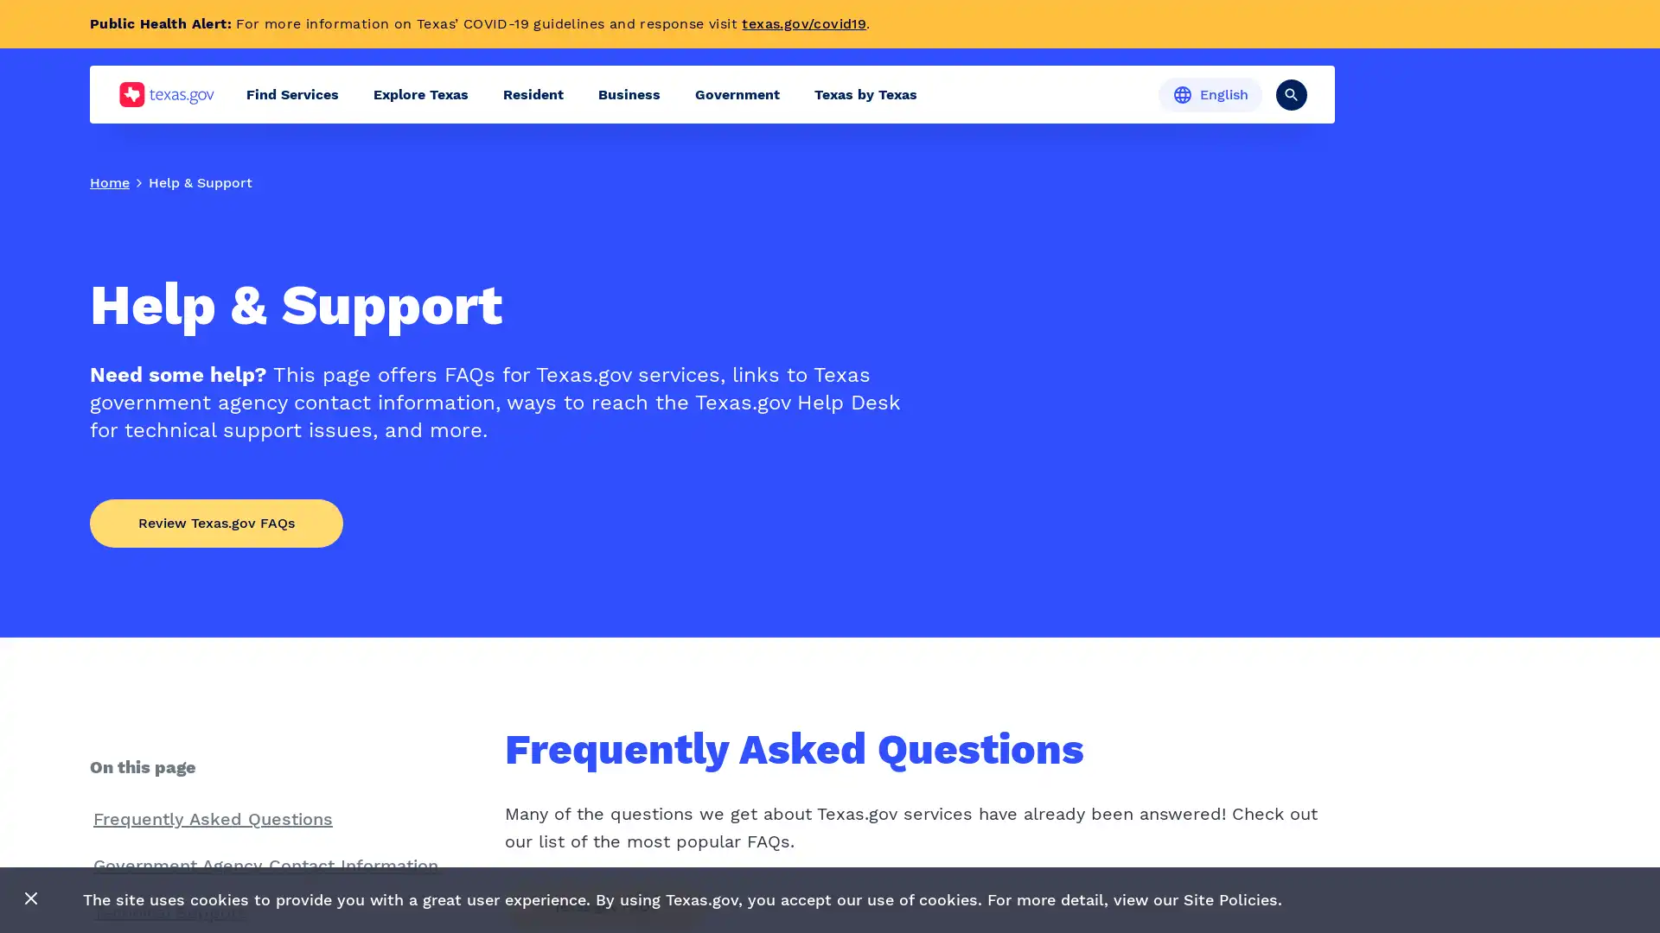  What do you see at coordinates (420, 94) in the screenshot?
I see `Explore Texas` at bounding box center [420, 94].